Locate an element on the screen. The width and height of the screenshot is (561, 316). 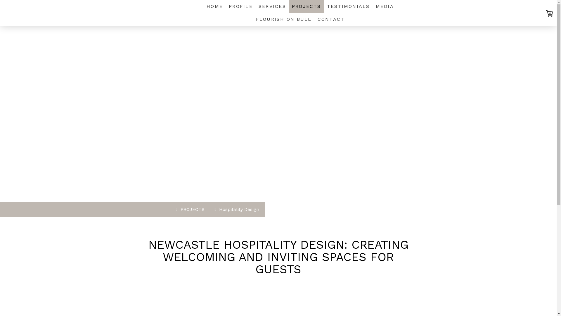
'FLOURISH ON BULL' is located at coordinates (253, 19).